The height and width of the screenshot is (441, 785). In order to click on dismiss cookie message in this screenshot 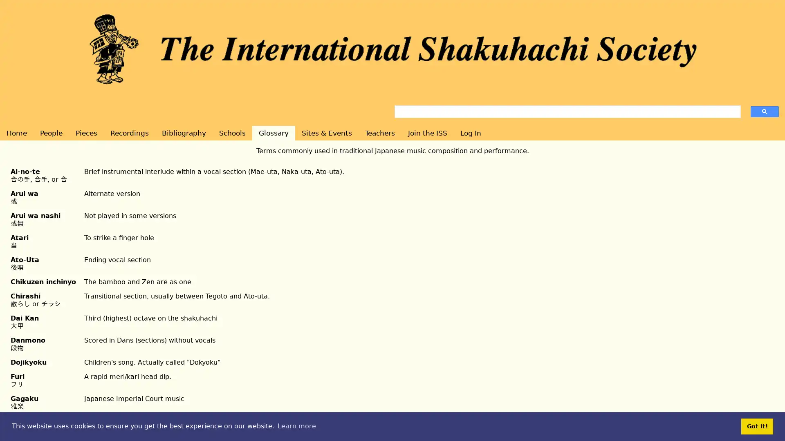, I will do `click(757, 426)`.